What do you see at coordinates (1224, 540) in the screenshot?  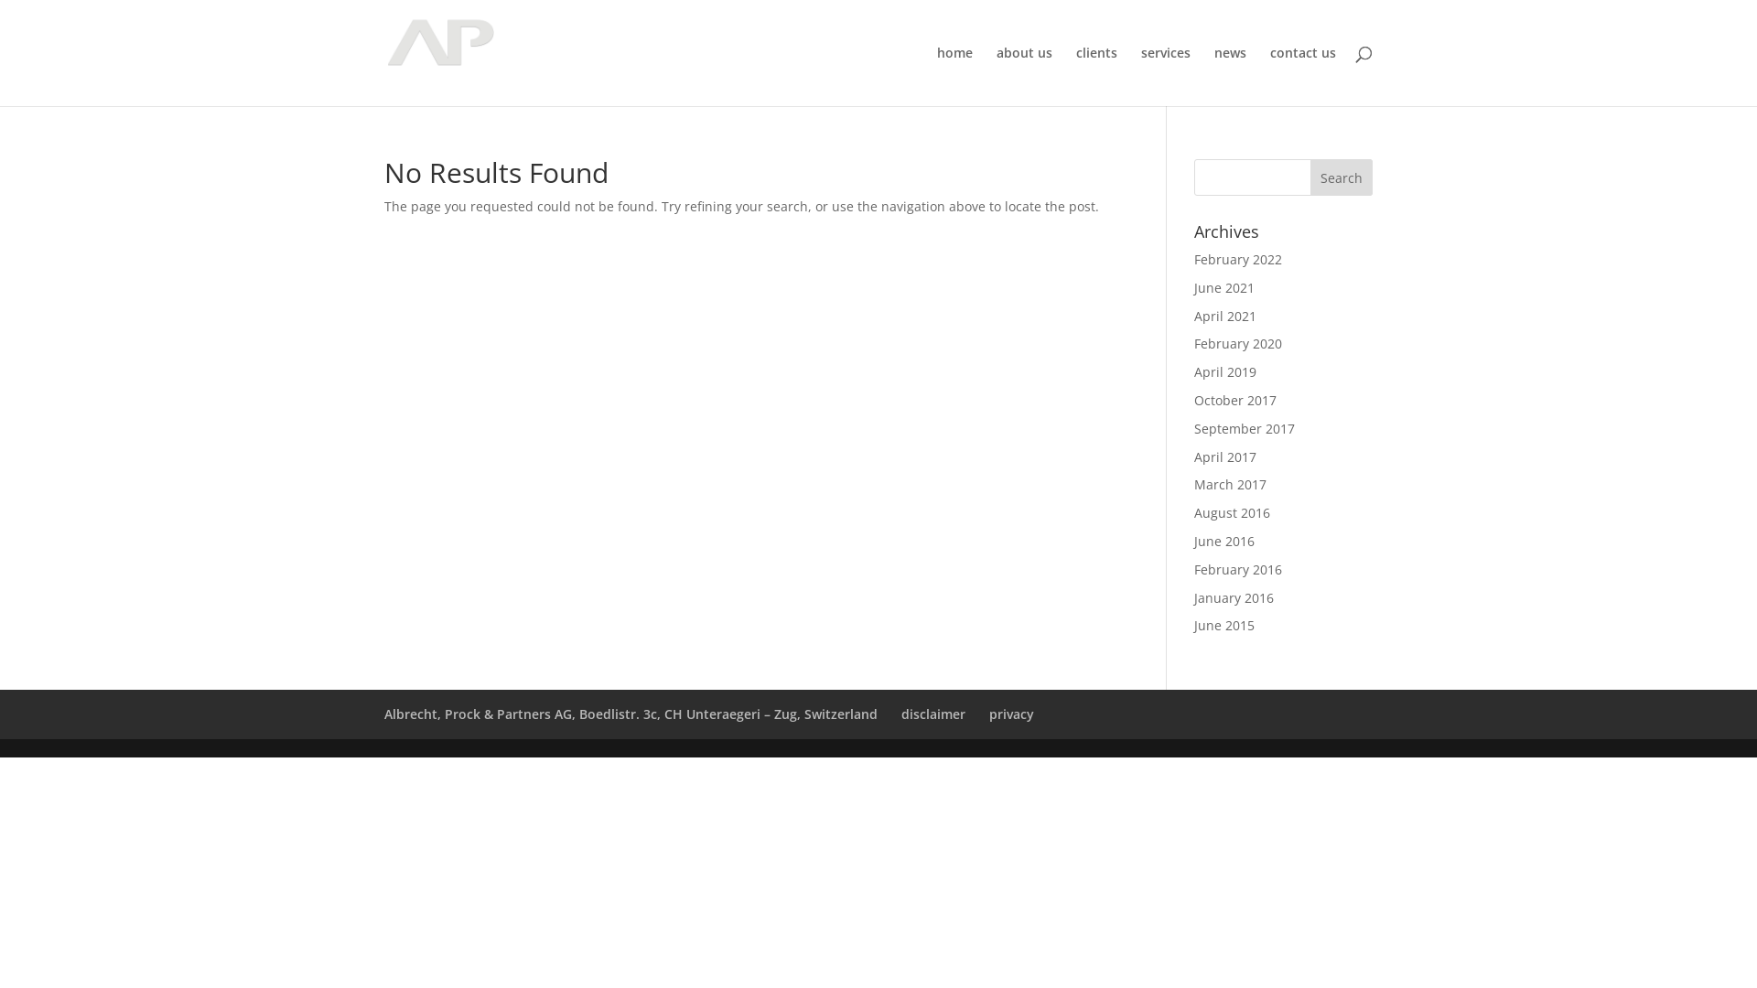 I see `'June 2016'` at bounding box center [1224, 540].